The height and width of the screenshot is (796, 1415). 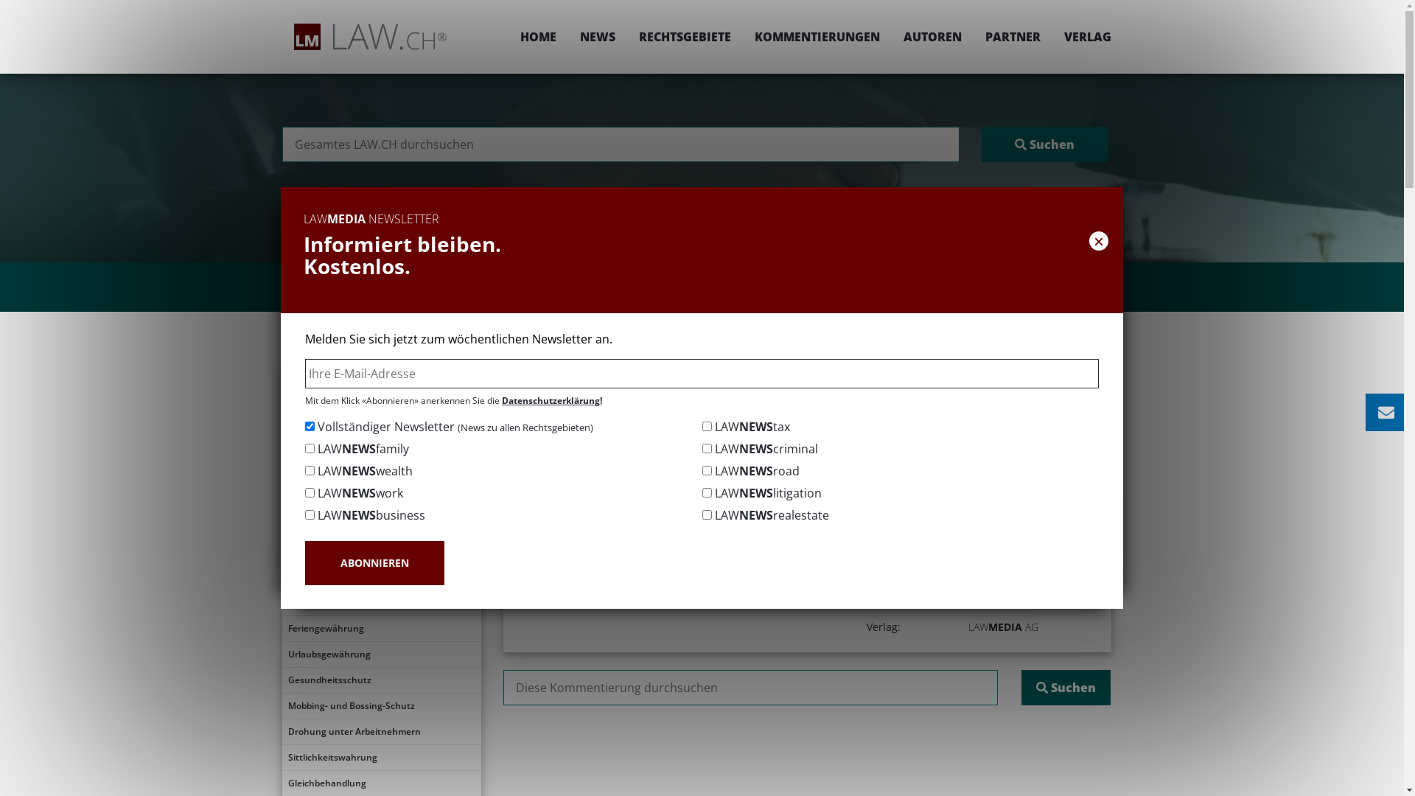 I want to click on 'AUTOREN', so click(x=932, y=36).